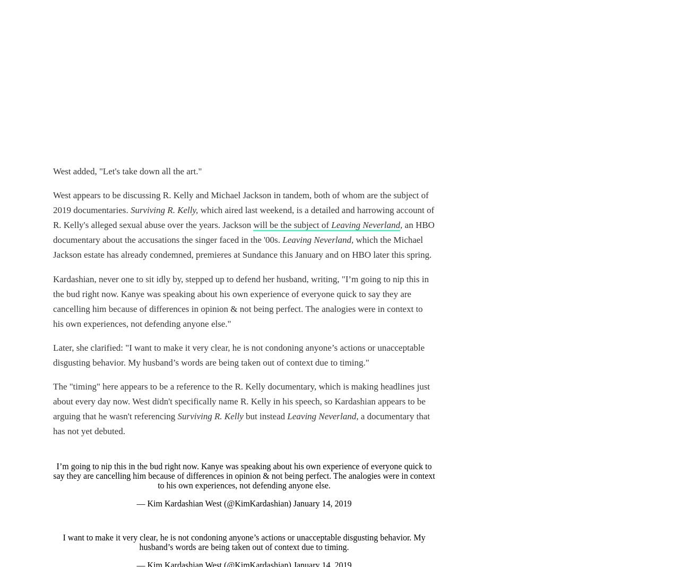 This screenshot has height=567, width=690. I want to click on 'which the Michael Jackson estate has already condemned, premieres at Sundance this January and on HBO later this spring.', so click(241, 247).